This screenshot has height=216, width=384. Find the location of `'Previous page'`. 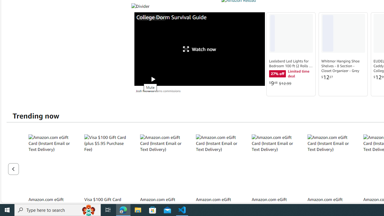

'Previous page' is located at coordinates (13, 169).